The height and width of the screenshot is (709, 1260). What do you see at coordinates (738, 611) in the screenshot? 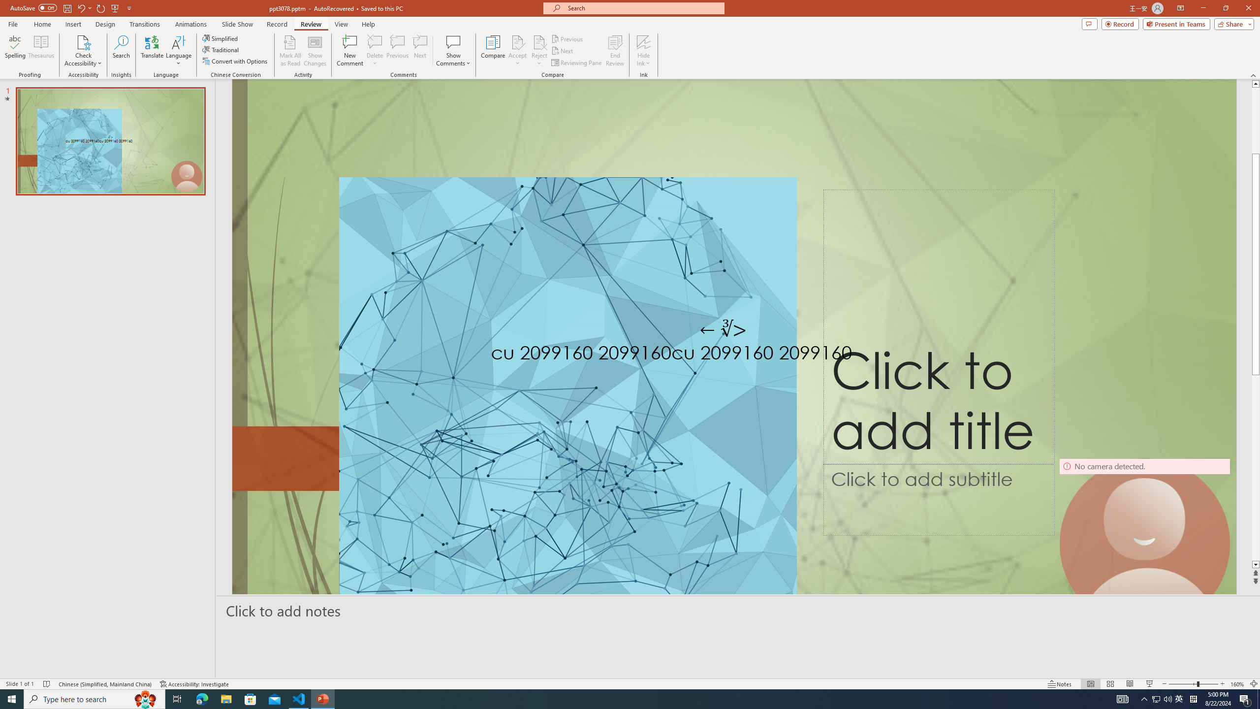
I see `'Slide Notes'` at bounding box center [738, 611].